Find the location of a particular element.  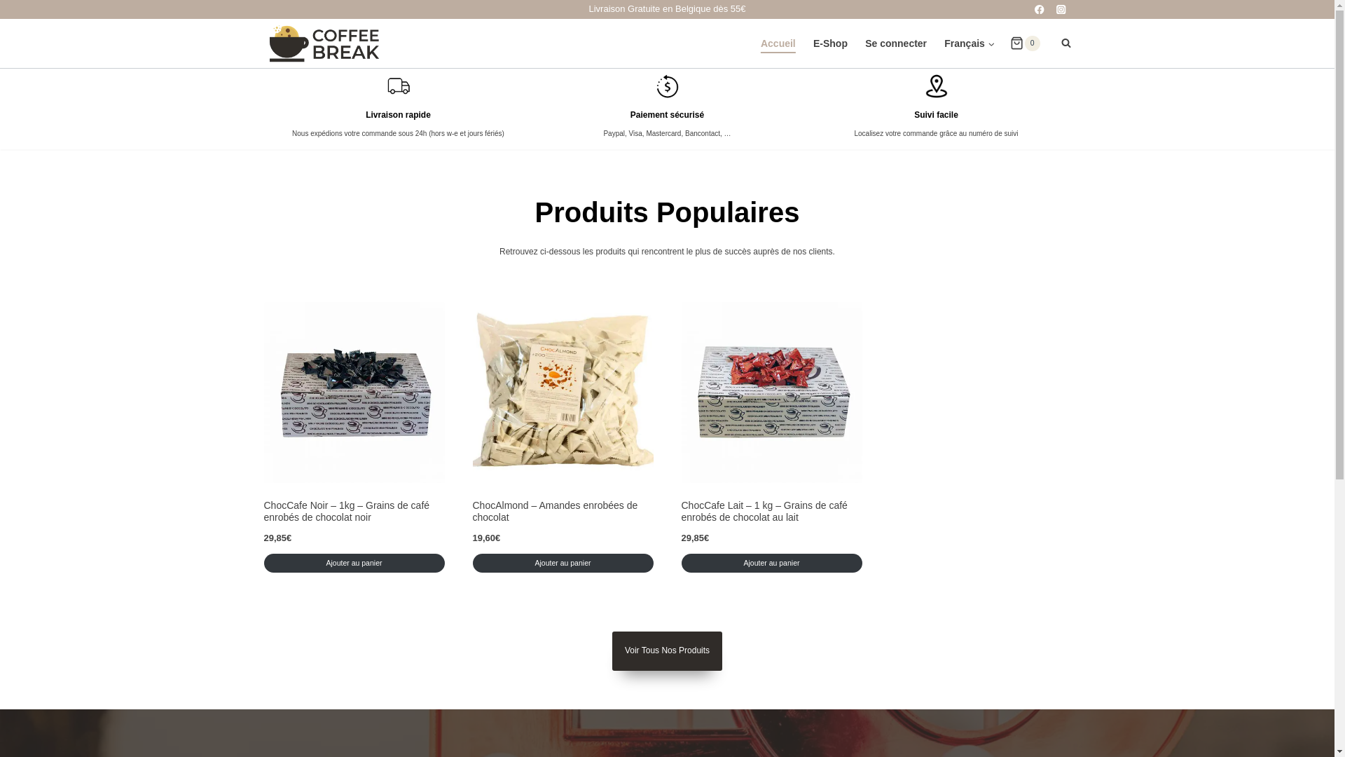

'0' is located at coordinates (1025, 42).